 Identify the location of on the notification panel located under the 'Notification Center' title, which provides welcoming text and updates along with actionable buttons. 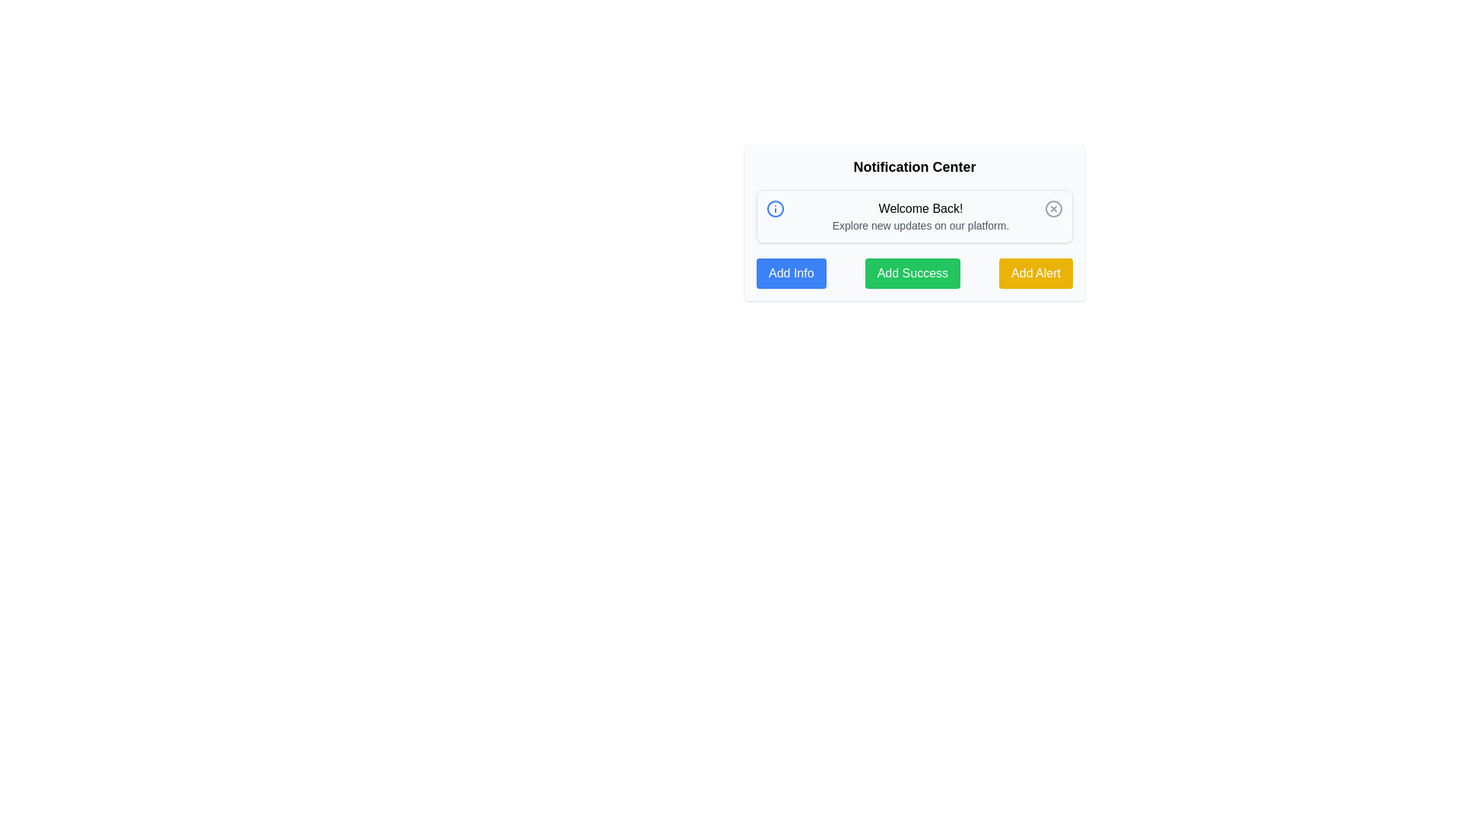
(914, 223).